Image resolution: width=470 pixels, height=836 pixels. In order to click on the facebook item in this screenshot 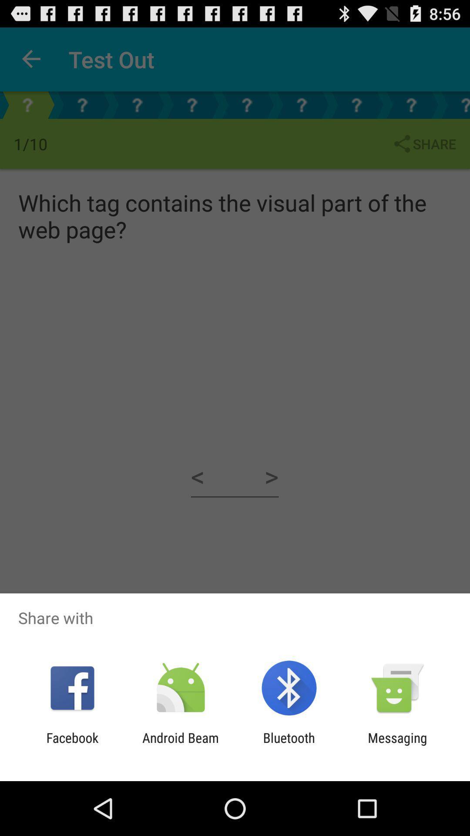, I will do `click(72, 745)`.